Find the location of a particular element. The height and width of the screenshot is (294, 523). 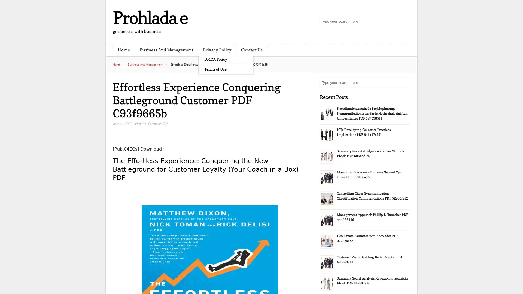

Search is located at coordinates (405, 83).